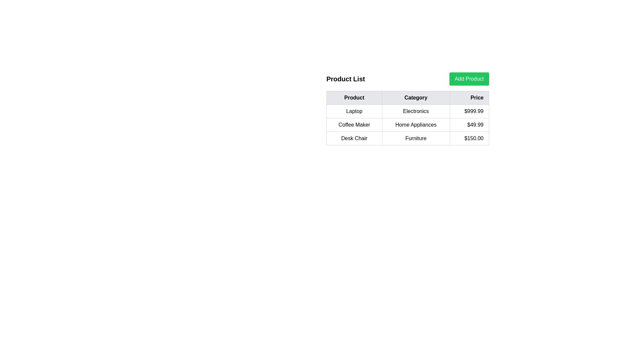  What do you see at coordinates (407, 98) in the screenshot?
I see `the table header cell labeled 'Category', which is centrally located in the header row of the 'Product List' table, between 'Product' and 'Price'` at bounding box center [407, 98].